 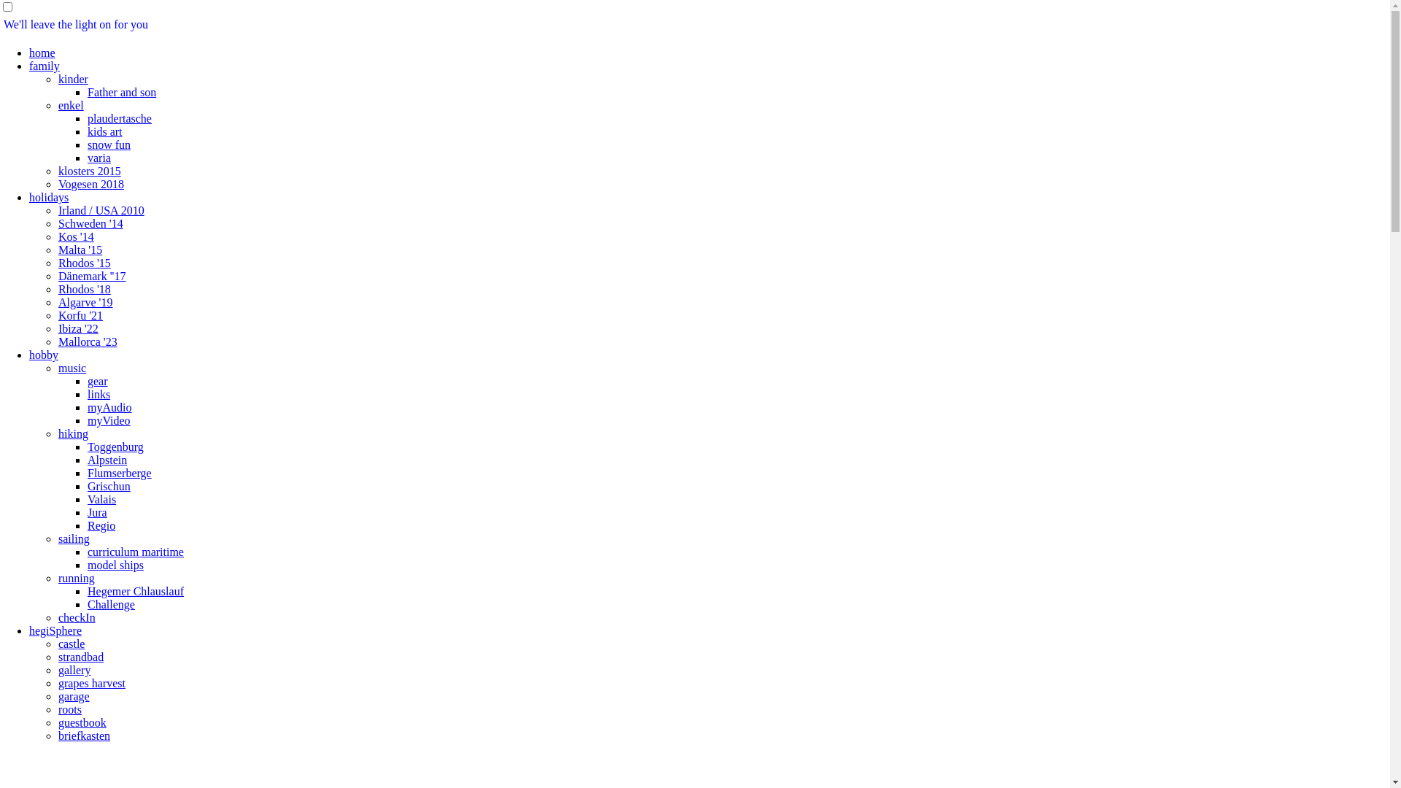 What do you see at coordinates (115, 446) in the screenshot?
I see `'Toggenburg'` at bounding box center [115, 446].